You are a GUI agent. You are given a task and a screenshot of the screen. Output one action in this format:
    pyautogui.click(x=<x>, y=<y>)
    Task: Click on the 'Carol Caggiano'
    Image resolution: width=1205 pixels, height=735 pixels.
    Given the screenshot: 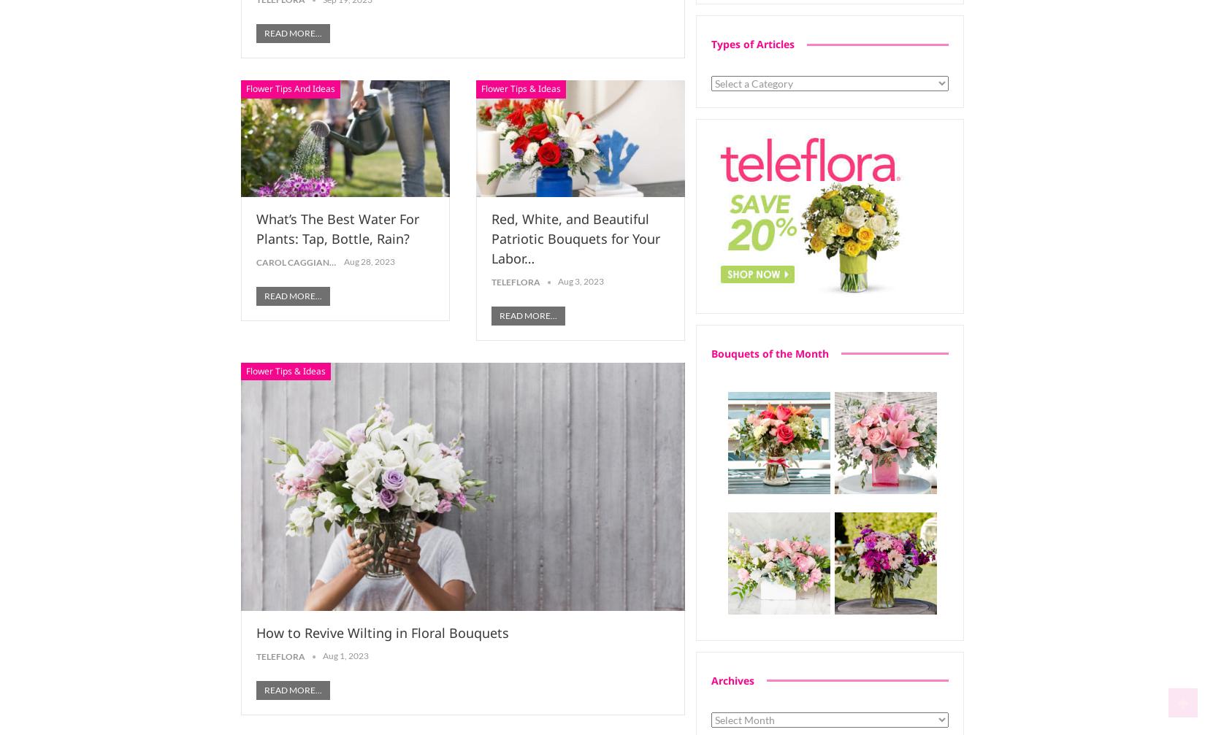 What is the action you would take?
    pyautogui.click(x=297, y=262)
    